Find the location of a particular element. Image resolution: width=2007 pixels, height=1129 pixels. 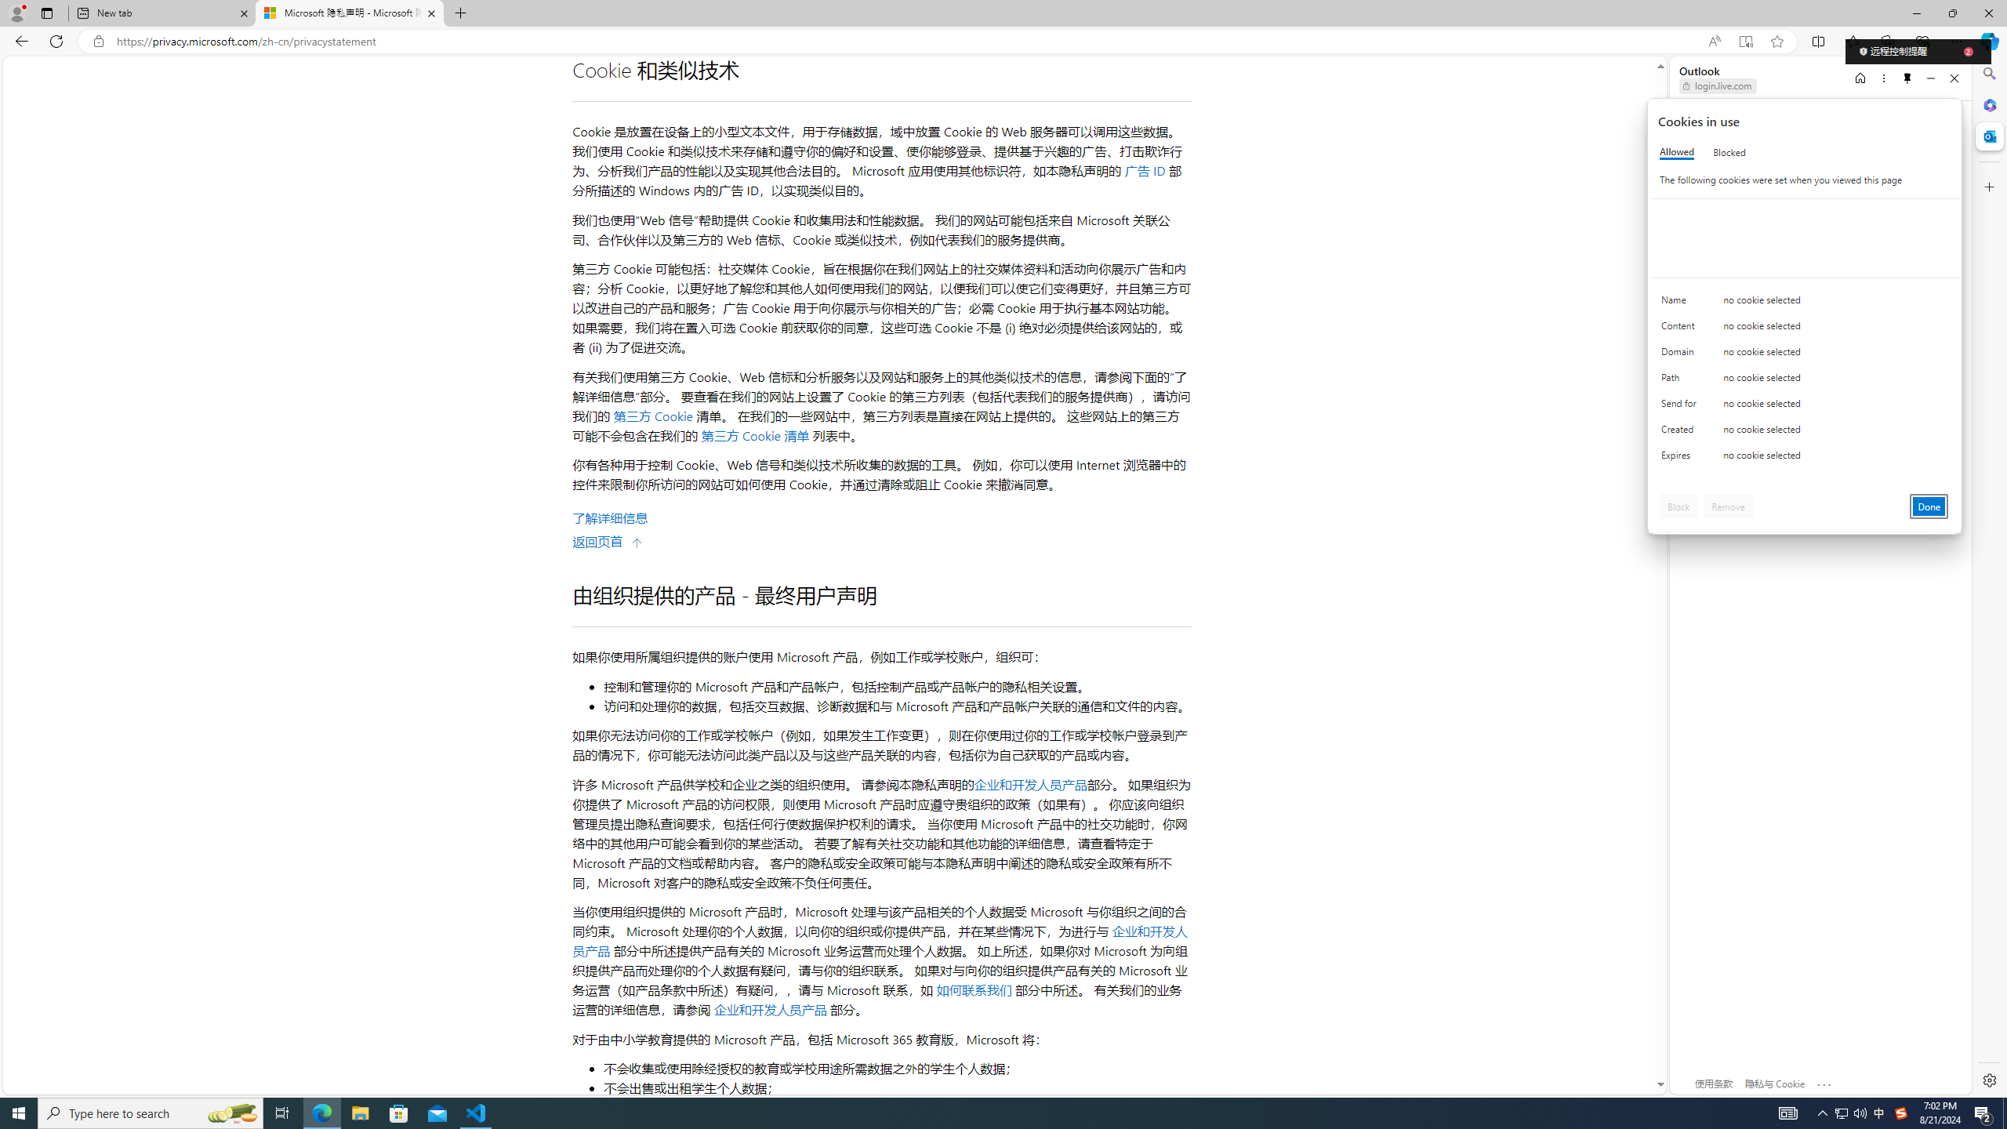

'Remove' is located at coordinates (1728, 506).